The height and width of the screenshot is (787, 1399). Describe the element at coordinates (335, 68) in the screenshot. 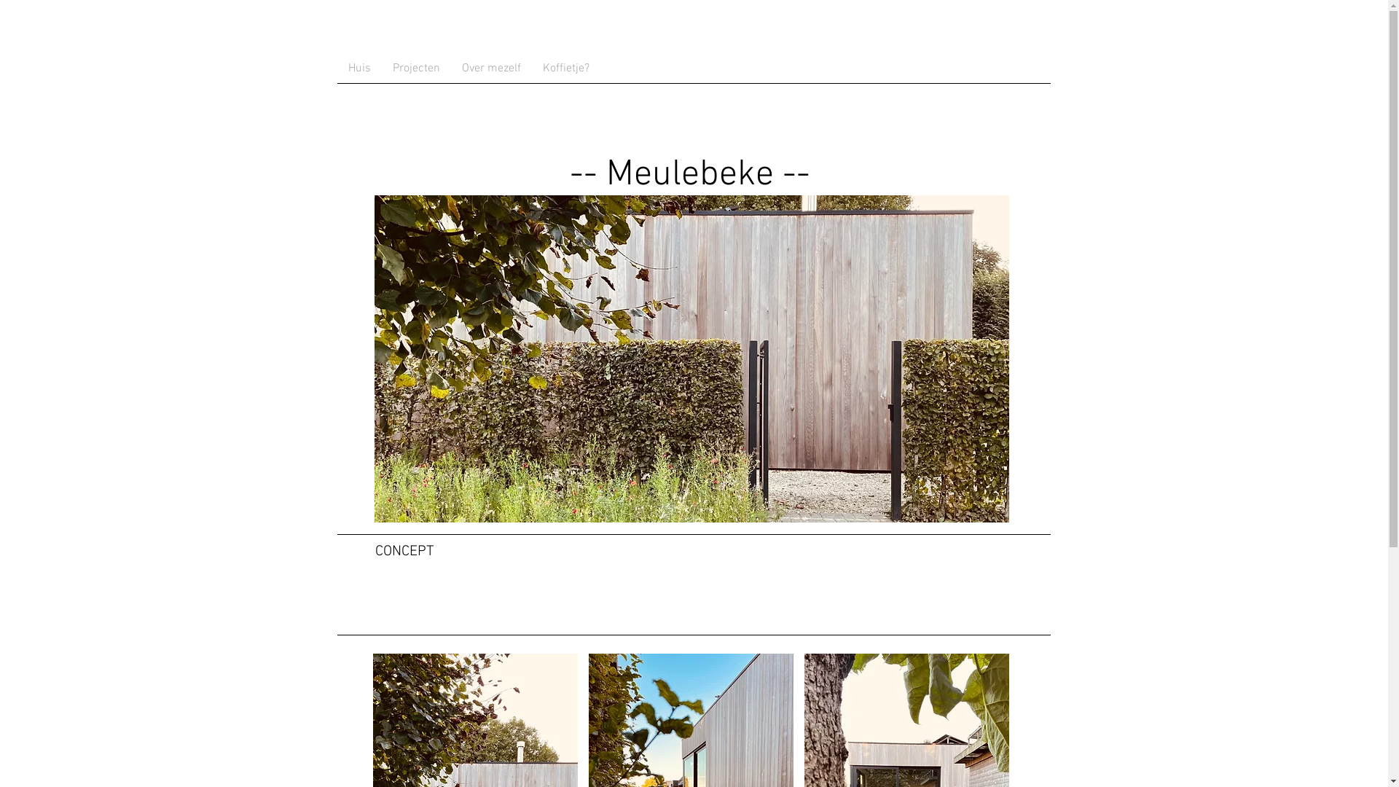

I see `'Huis'` at that location.